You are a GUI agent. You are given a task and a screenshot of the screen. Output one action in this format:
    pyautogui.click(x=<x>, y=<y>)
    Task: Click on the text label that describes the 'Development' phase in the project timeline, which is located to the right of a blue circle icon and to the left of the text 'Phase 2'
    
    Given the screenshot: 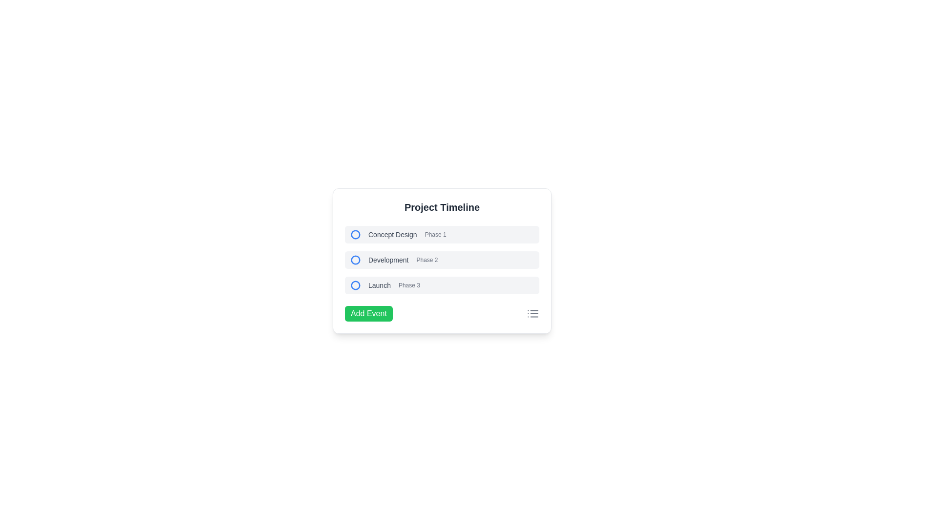 What is the action you would take?
    pyautogui.click(x=388, y=259)
    